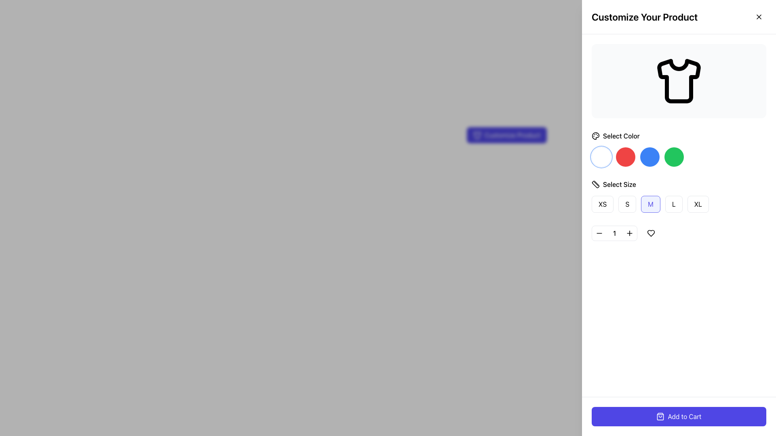  Describe the element at coordinates (674, 203) in the screenshot. I see `the button` at that location.